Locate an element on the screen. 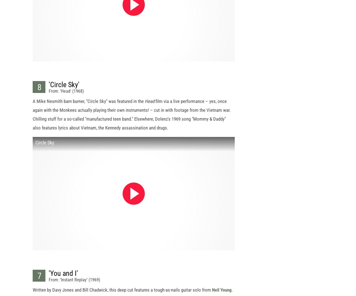 Image resolution: width=356 pixels, height=296 pixels. 'From: 'Instant Replay' (1969)' is located at coordinates (74, 284).